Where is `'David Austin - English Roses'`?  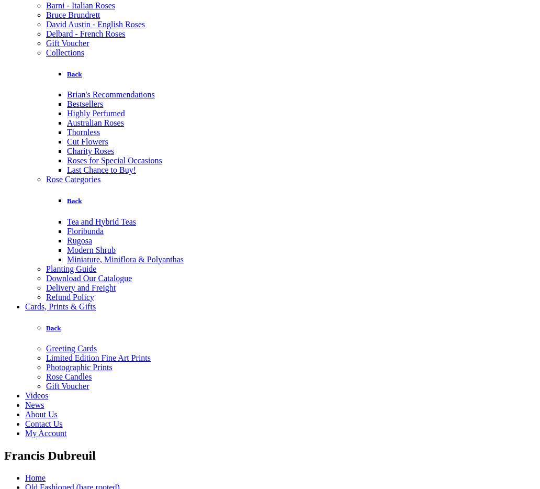
'David Austin - English Roses' is located at coordinates (95, 23).